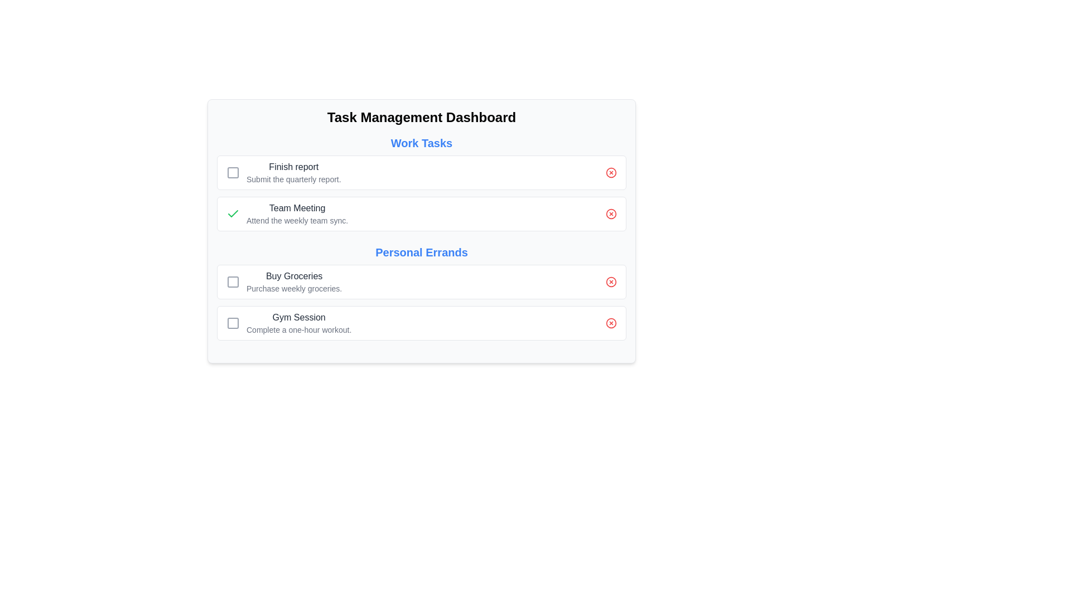 The height and width of the screenshot is (602, 1071). I want to click on task details from the third list item with an embedded checkbox in the 'Personal Errands' section, which is positioned between the 'Team Meeting' and 'Gym Session' items, so click(284, 281).